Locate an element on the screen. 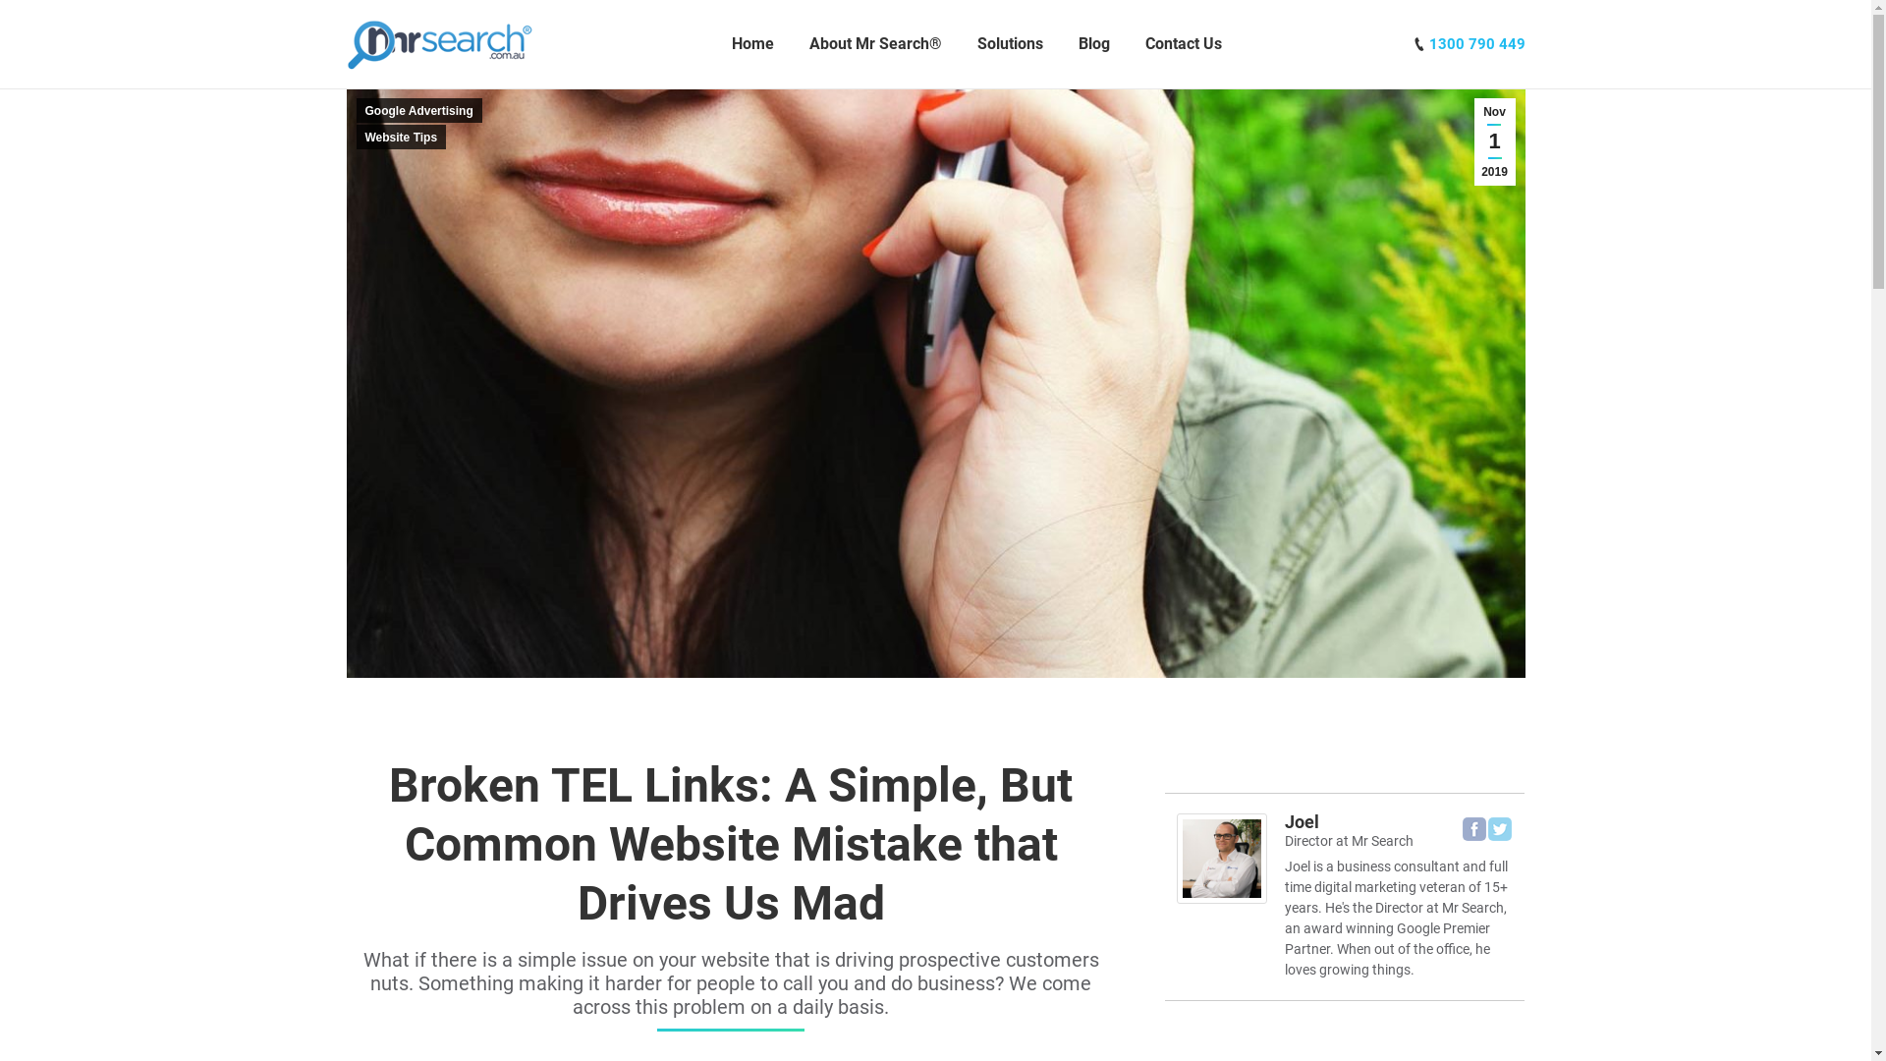  '1300 790 449' is located at coordinates (1475, 44).